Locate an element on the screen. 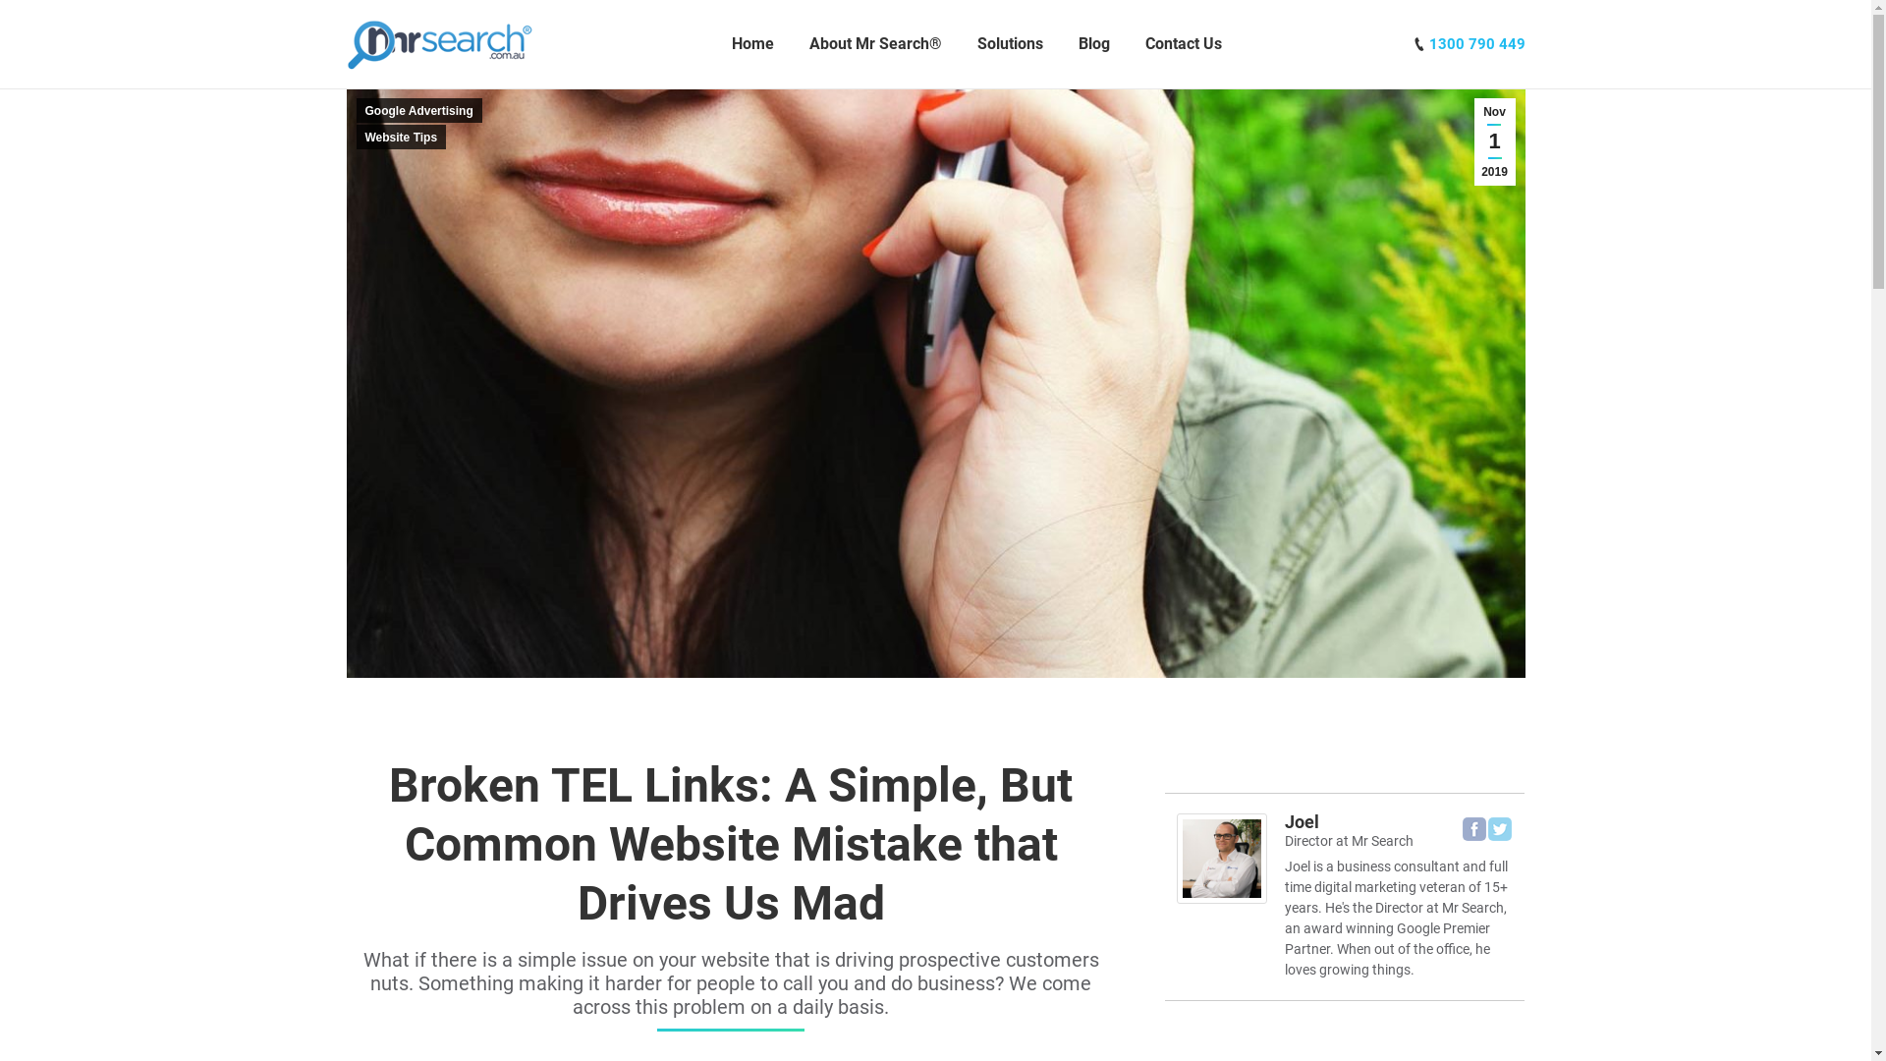  '1300 790 449' is located at coordinates (1475, 44).